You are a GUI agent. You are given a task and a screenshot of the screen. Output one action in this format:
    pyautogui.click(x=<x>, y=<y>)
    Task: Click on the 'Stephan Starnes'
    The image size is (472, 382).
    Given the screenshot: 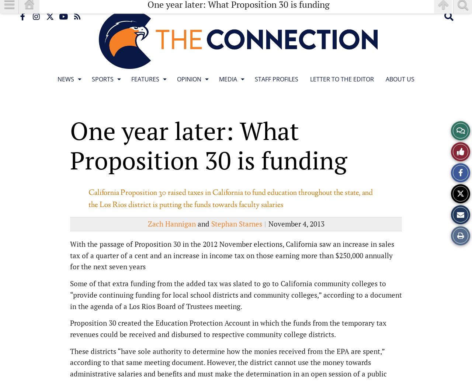 What is the action you would take?
    pyautogui.click(x=236, y=224)
    